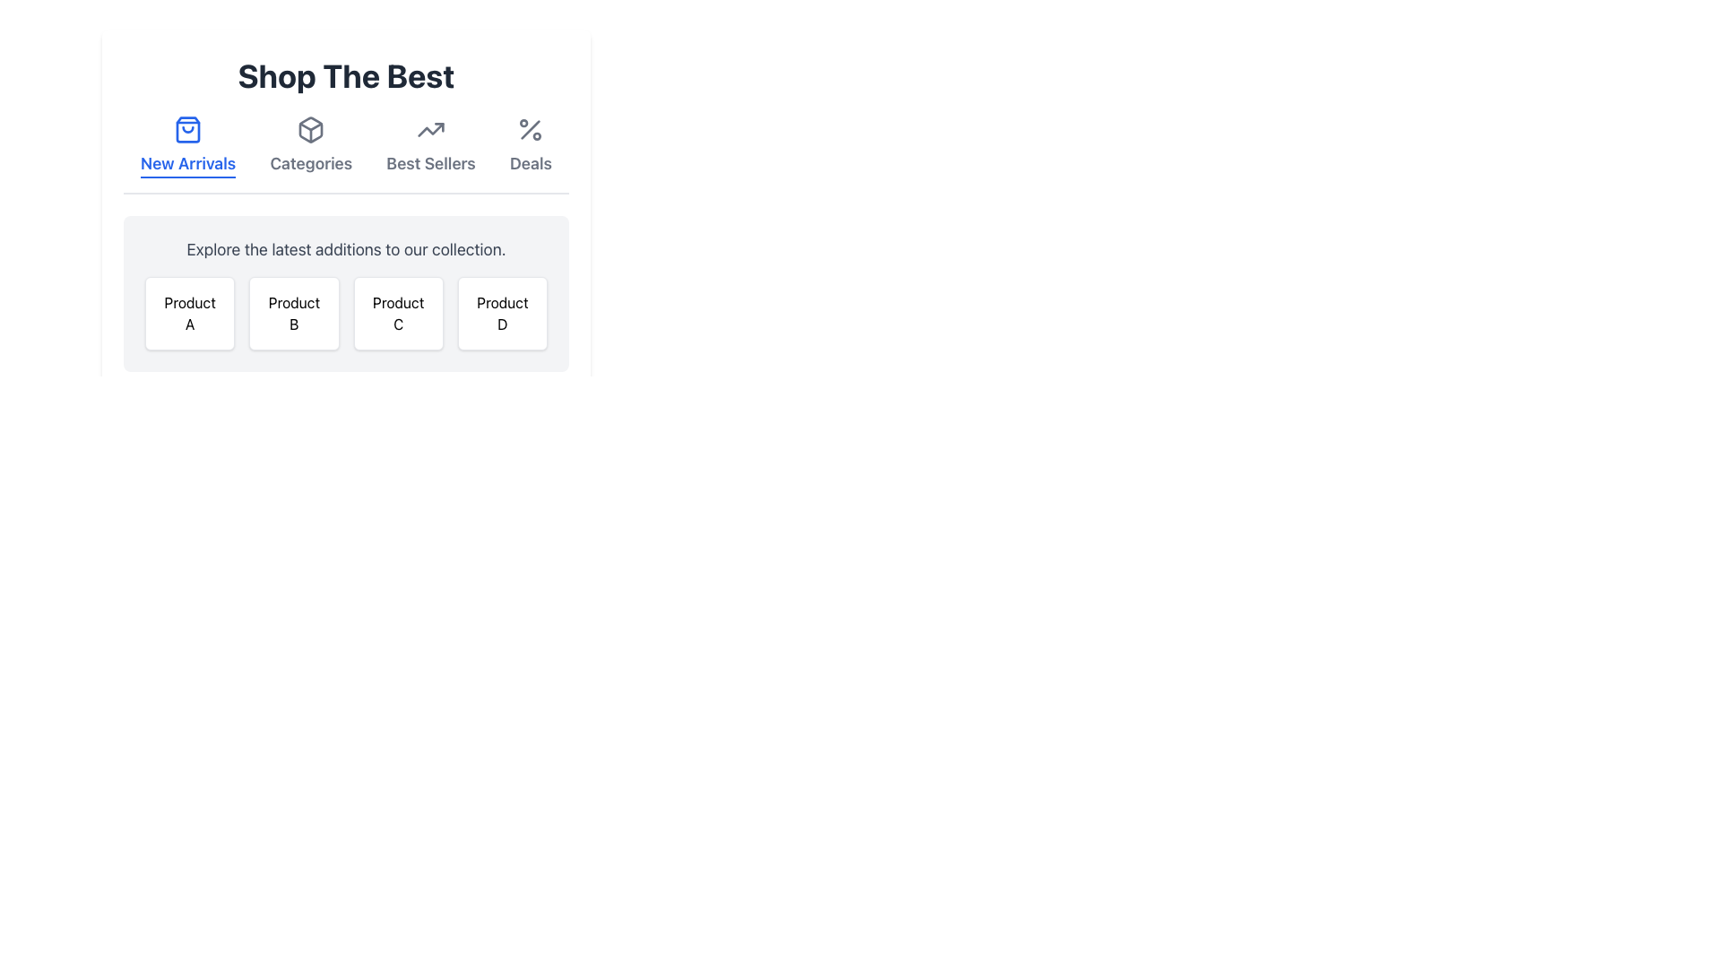  Describe the element at coordinates (294, 313) in the screenshot. I see `the informational text label displaying 'Product B', located in the second box of a row of four under the heading 'Explore the latest additions to our collection'` at that location.